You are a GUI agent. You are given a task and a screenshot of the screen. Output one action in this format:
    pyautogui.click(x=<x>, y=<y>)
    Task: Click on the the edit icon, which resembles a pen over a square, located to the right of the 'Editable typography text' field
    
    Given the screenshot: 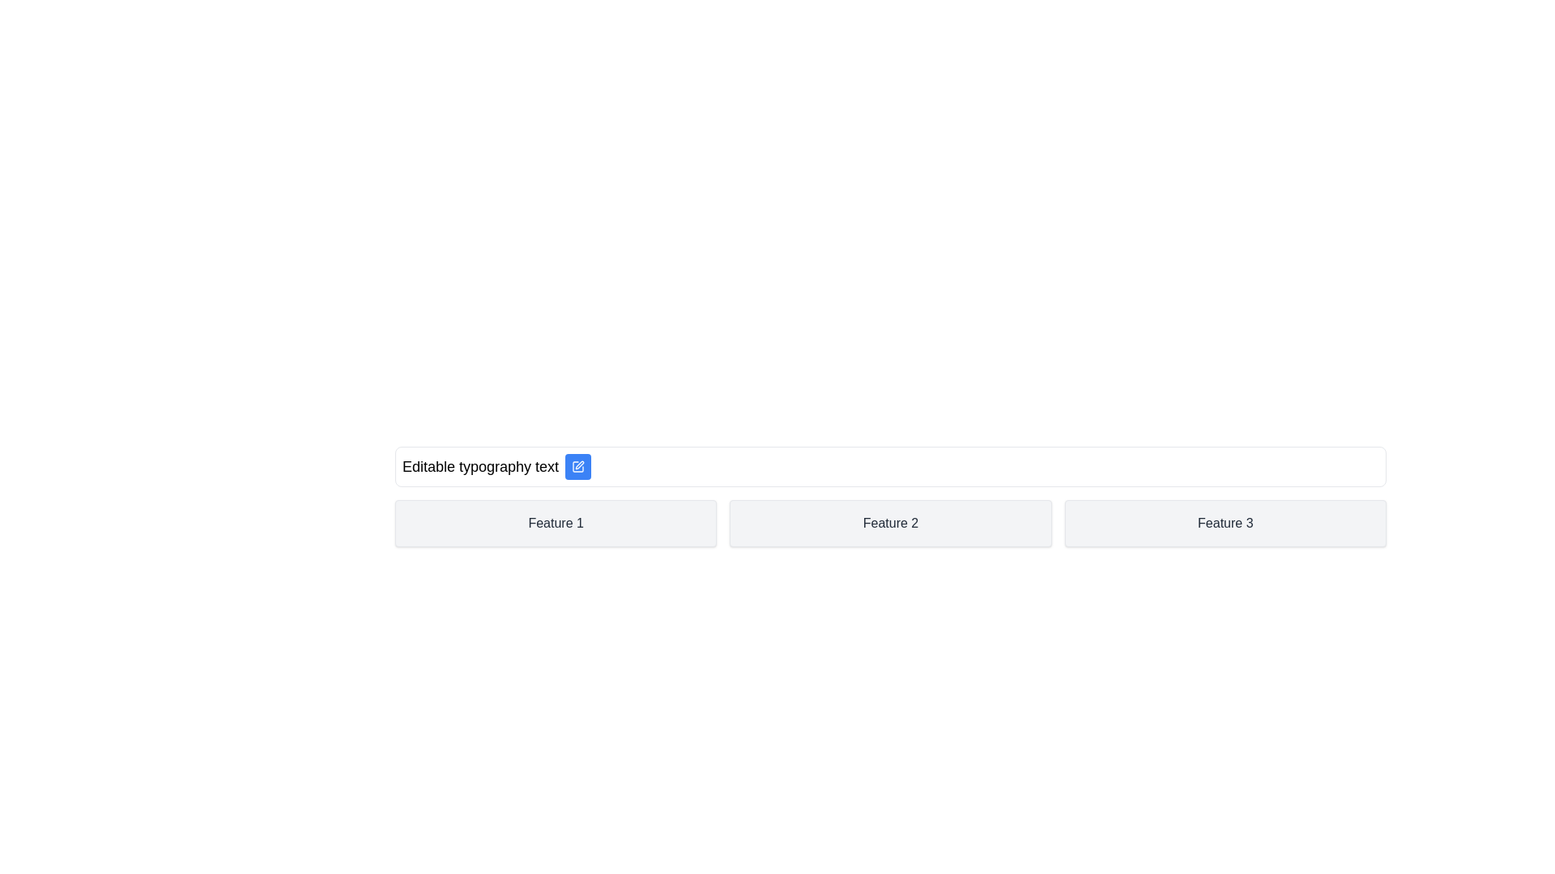 What is the action you would take?
    pyautogui.click(x=579, y=465)
    